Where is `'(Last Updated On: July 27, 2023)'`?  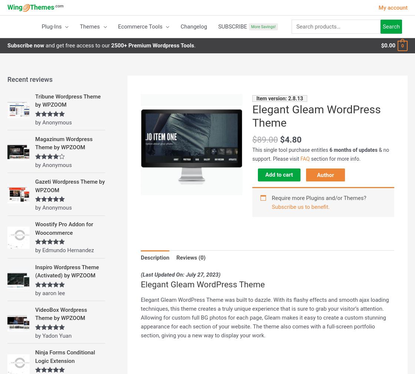
'(Last Updated On: July 27, 2023)' is located at coordinates (141, 274).